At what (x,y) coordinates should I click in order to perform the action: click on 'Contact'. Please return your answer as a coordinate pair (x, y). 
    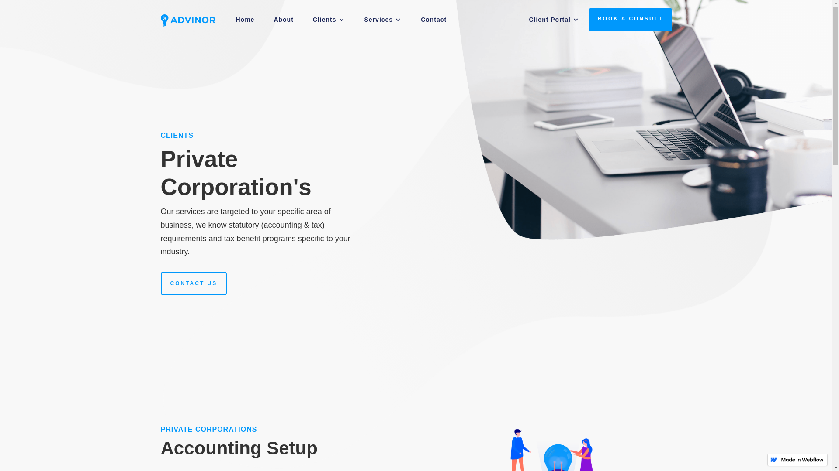
    Looking at the image, I should click on (433, 20).